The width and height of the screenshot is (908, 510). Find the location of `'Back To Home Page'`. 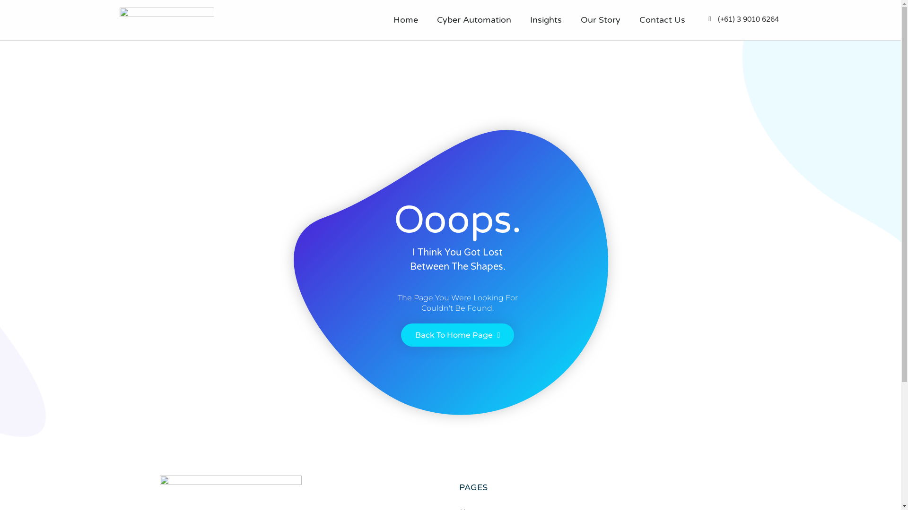

'Back To Home Page' is located at coordinates (401, 334).